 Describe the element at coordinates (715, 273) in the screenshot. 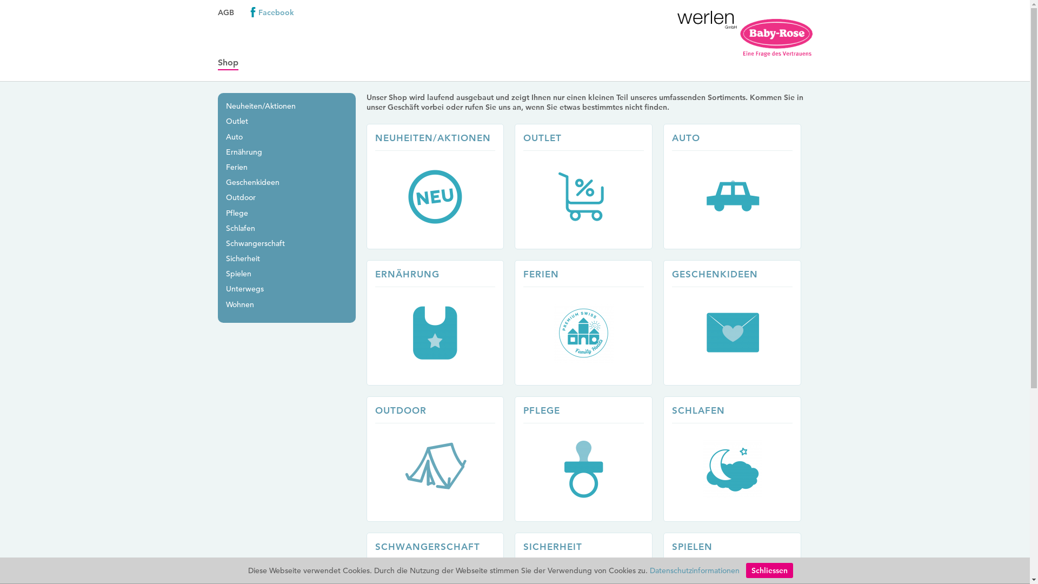

I see `'GESCHENKIDEEN'` at that location.